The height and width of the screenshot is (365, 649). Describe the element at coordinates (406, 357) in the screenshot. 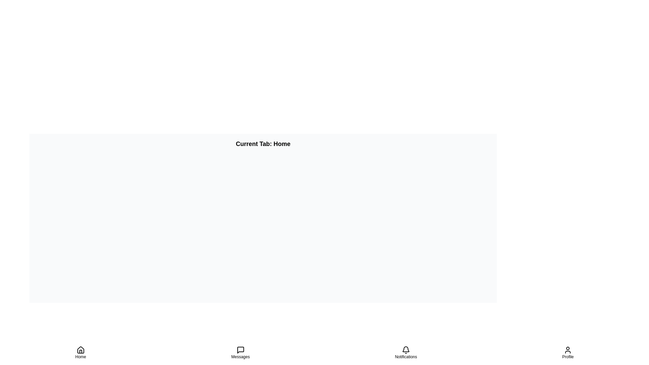

I see `the 'Notifications' text label located at the bottom center of the interface, styled in a minimalistic manner, under the notification bell icon` at that location.